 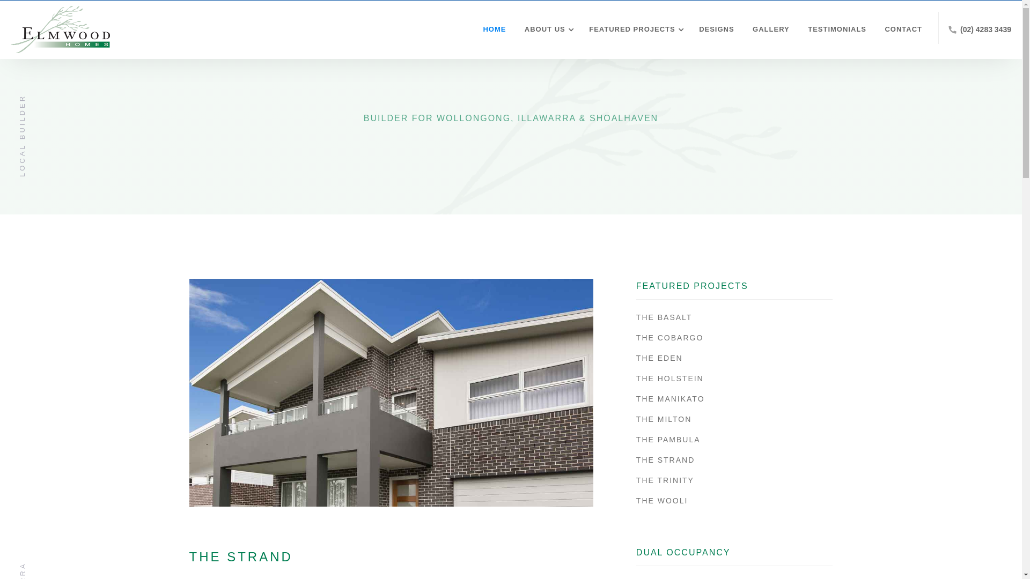 What do you see at coordinates (901, 28) in the screenshot?
I see `'CONTACT'` at bounding box center [901, 28].